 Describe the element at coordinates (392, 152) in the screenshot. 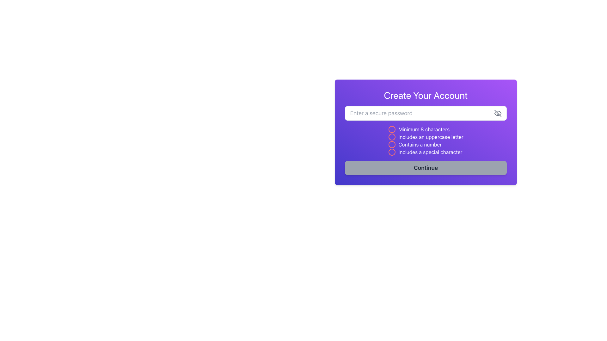

I see `the error icon indicating the unmet criteria for special character inclusion in the password validation, located in the fourth row next to the corresponding text` at that location.